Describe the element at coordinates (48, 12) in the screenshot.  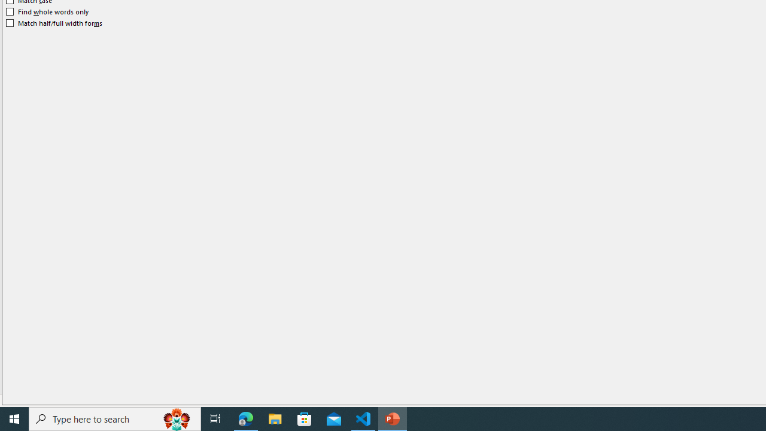
I see `'Find whole words only'` at that location.